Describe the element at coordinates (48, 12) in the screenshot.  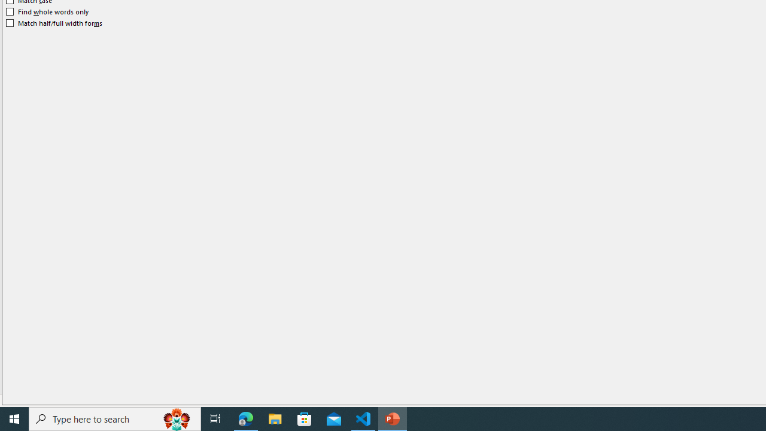
I see `'Find whole words only'` at that location.